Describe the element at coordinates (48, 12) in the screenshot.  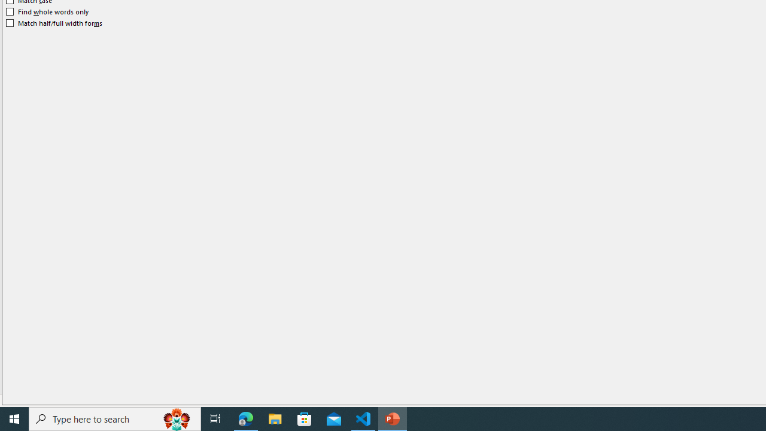
I see `'Find whole words only'` at that location.